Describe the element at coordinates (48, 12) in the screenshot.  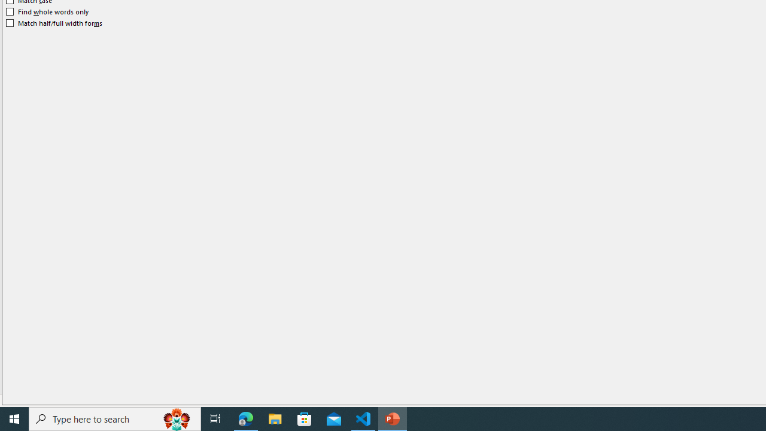
I see `'Find whole words only'` at that location.